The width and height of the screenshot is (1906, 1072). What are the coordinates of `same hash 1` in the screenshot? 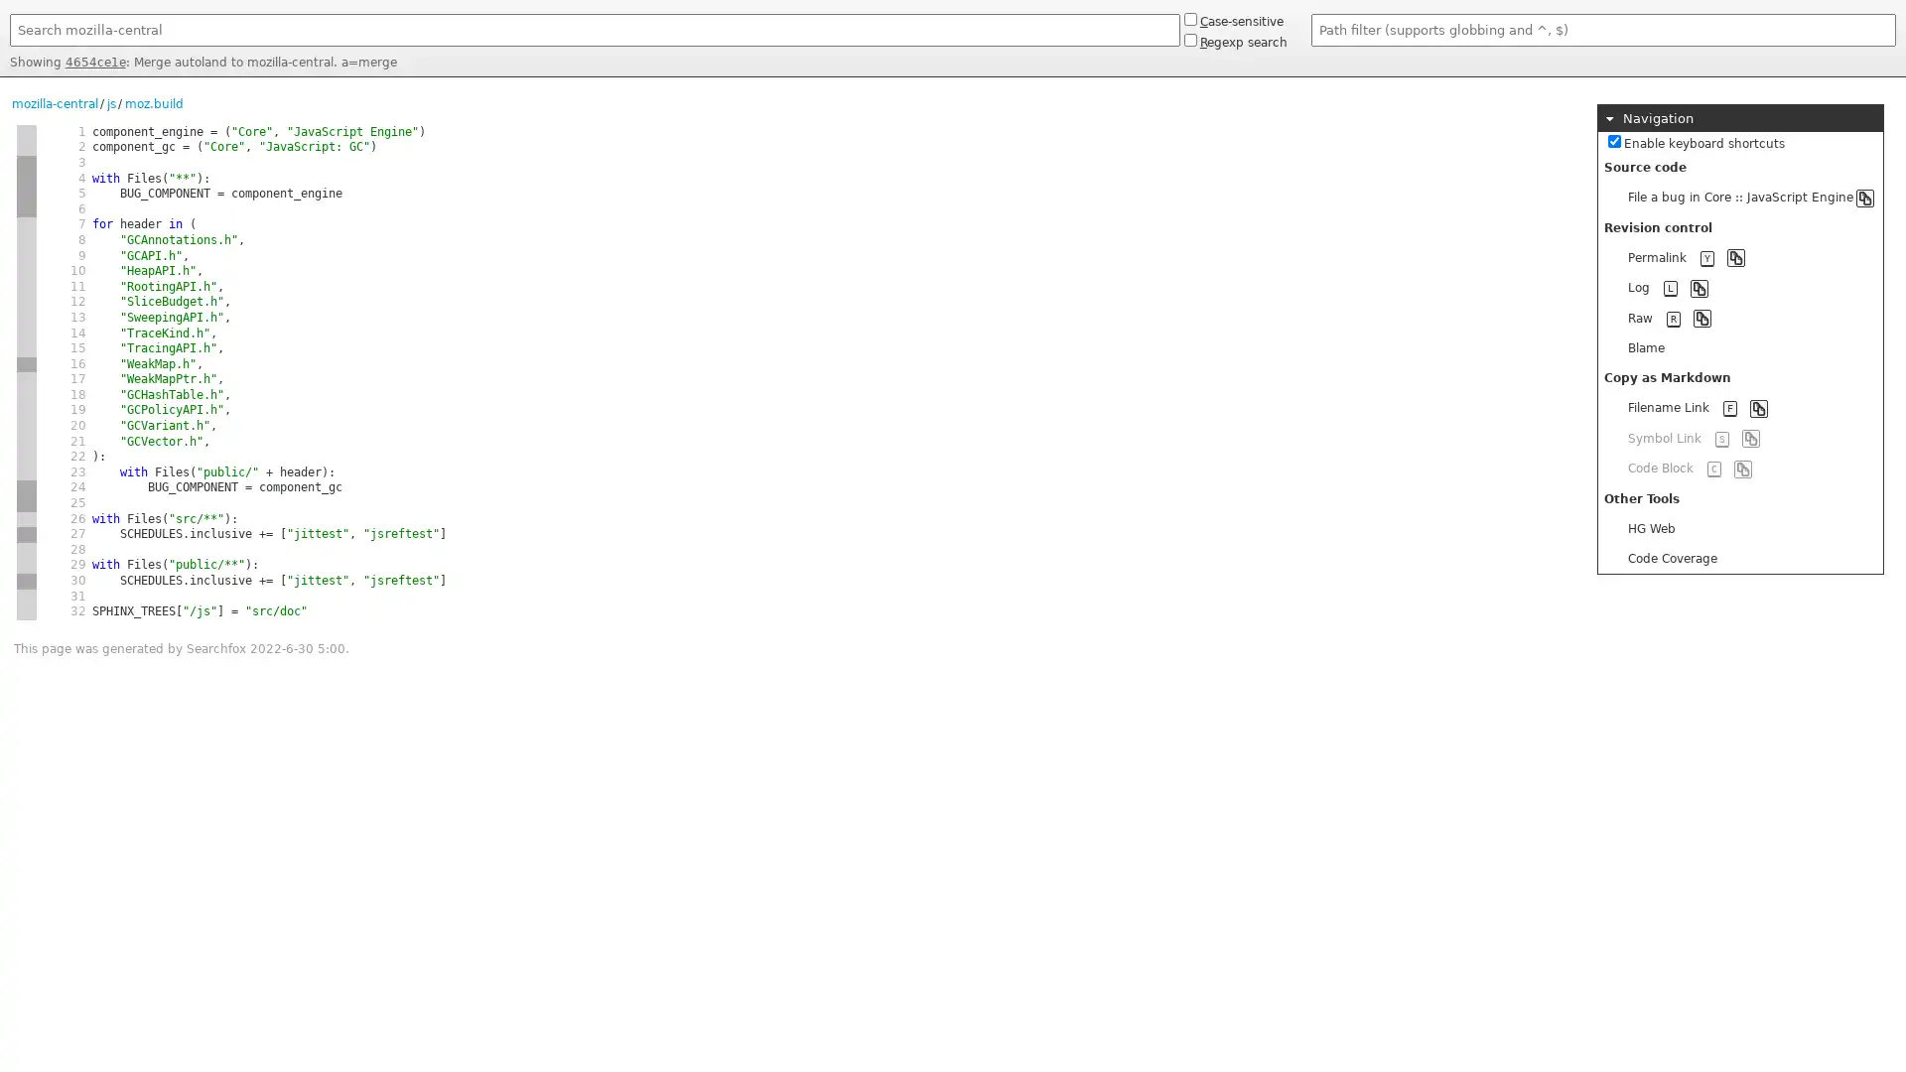 It's located at (27, 409).